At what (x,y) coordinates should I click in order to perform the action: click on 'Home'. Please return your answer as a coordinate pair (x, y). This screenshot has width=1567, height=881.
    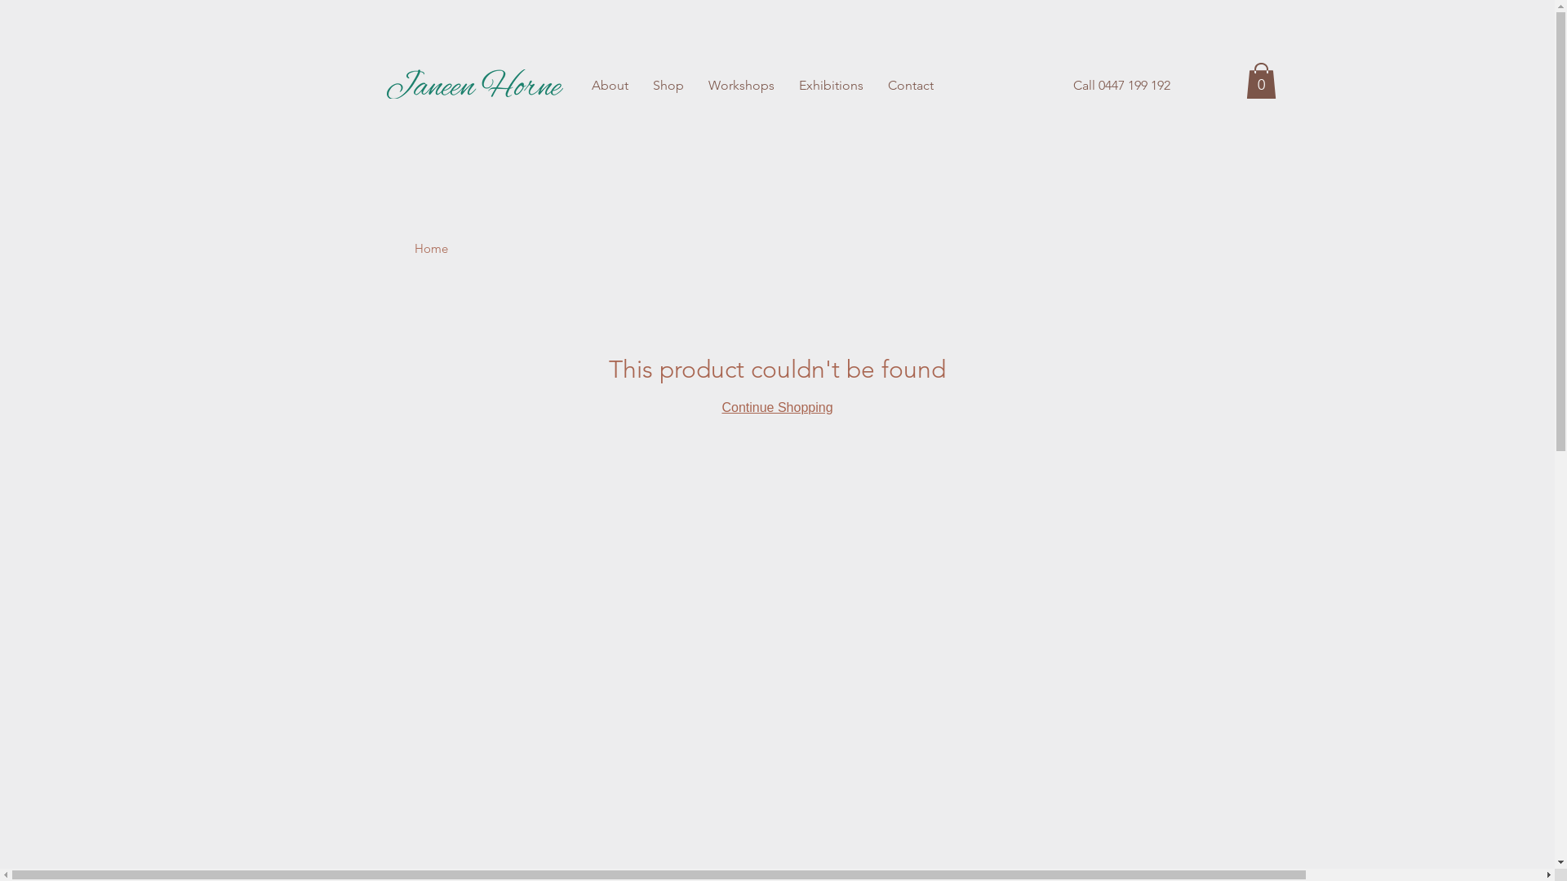
    Looking at the image, I should click on (415, 248).